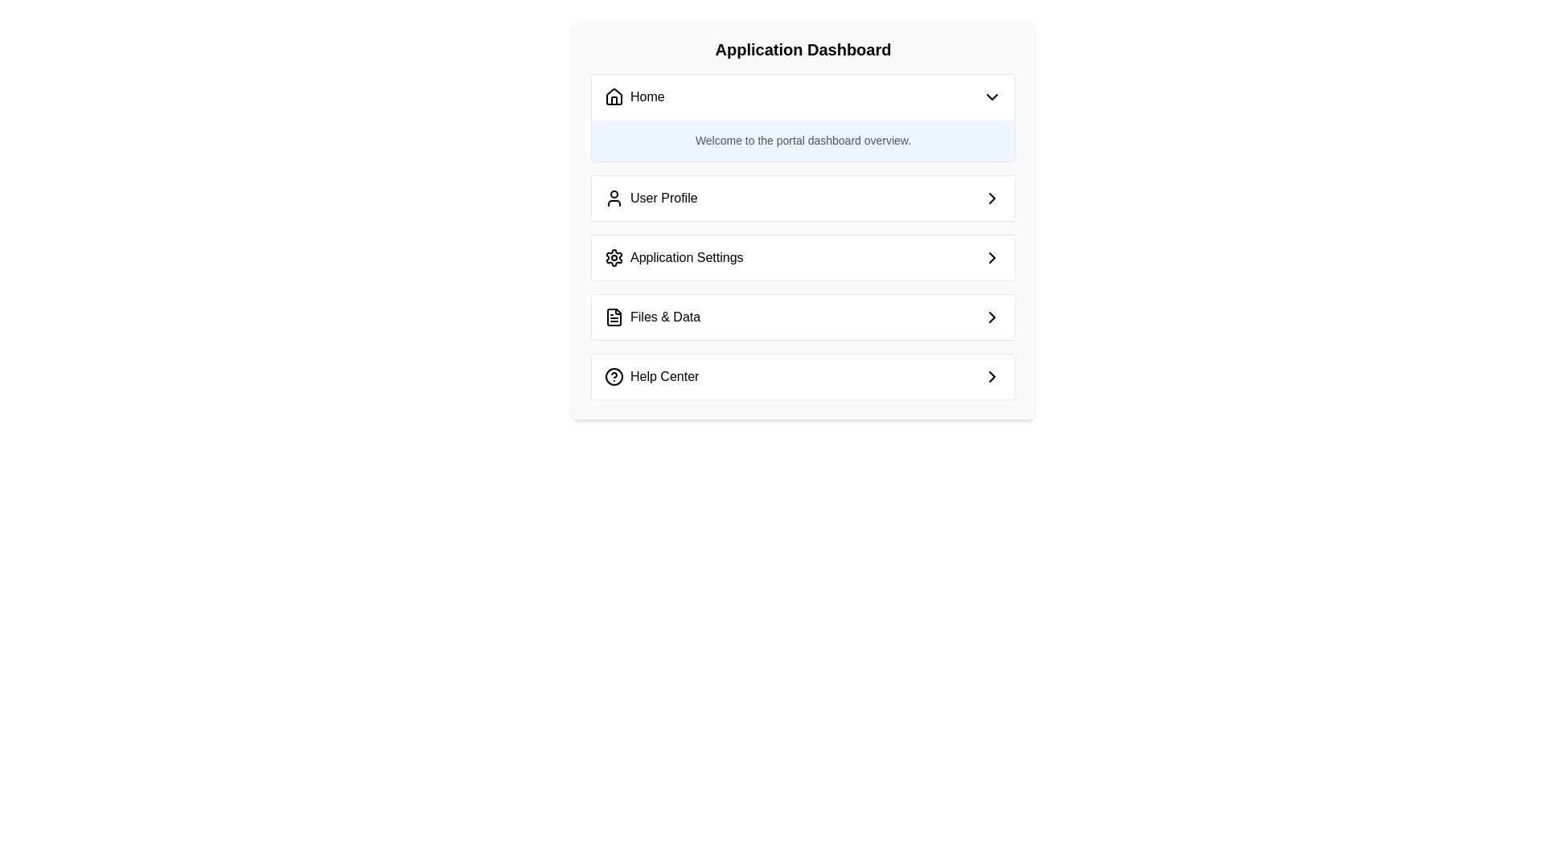 This screenshot has height=868, width=1544. Describe the element at coordinates (613, 377) in the screenshot. I see `circular outline icon representing the help-related symbol in the 'Help Center' entry of the application dashboard by clicking on it` at that location.